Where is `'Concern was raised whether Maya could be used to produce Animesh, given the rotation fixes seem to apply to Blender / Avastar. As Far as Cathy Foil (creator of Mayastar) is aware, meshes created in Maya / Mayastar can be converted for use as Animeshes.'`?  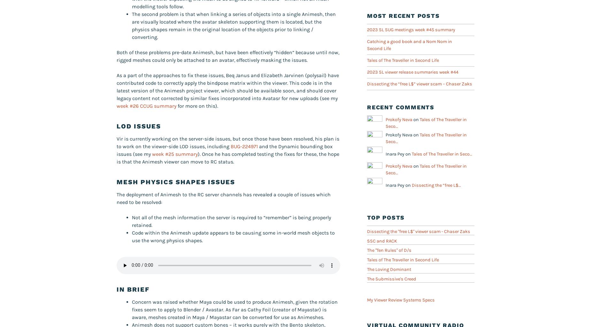
'Concern was raised whether Maya could be used to produce Animesh, given the rotation fixes seem to apply to Blender / Avastar. As Far as Cathy Foil (creator of Mayastar) is aware, meshes created in Maya / Mayastar can be converted for use as Animeshes.' is located at coordinates (235, 309).